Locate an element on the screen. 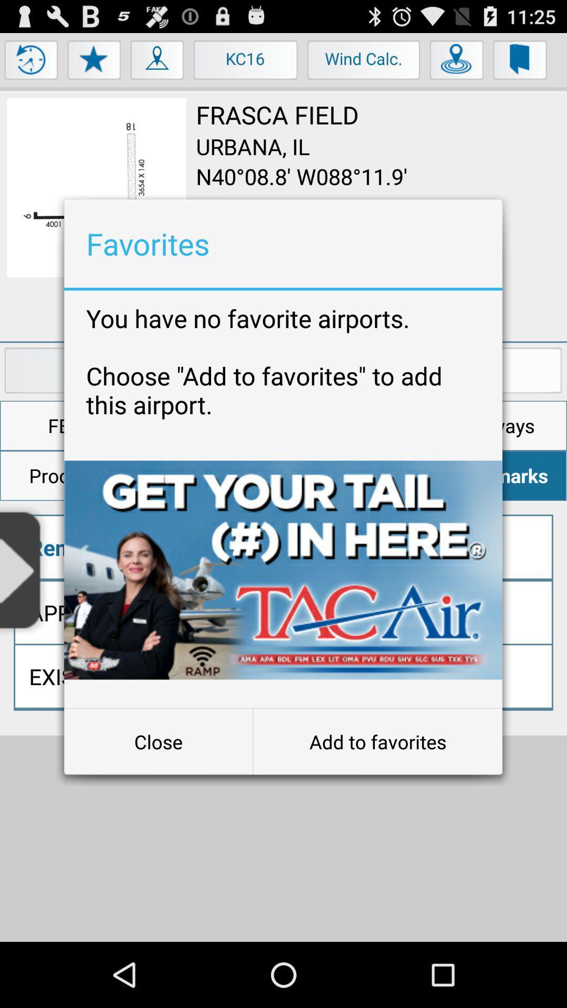 This screenshot has width=567, height=1008. the button next to add to favorites item is located at coordinates (158, 741).